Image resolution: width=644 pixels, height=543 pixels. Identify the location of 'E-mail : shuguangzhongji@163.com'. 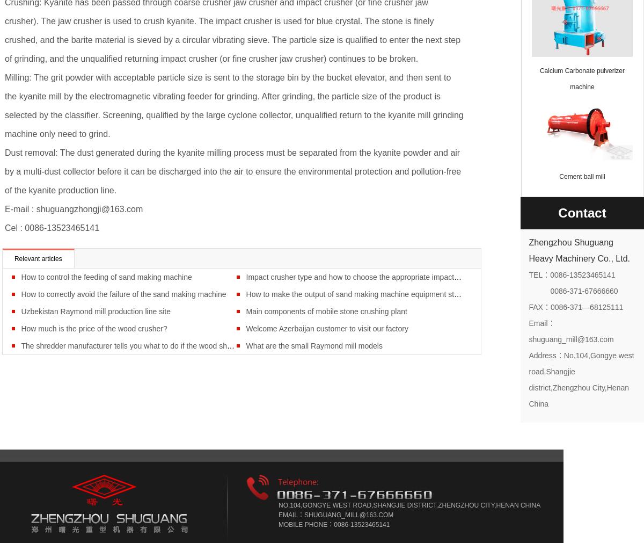
(5, 208).